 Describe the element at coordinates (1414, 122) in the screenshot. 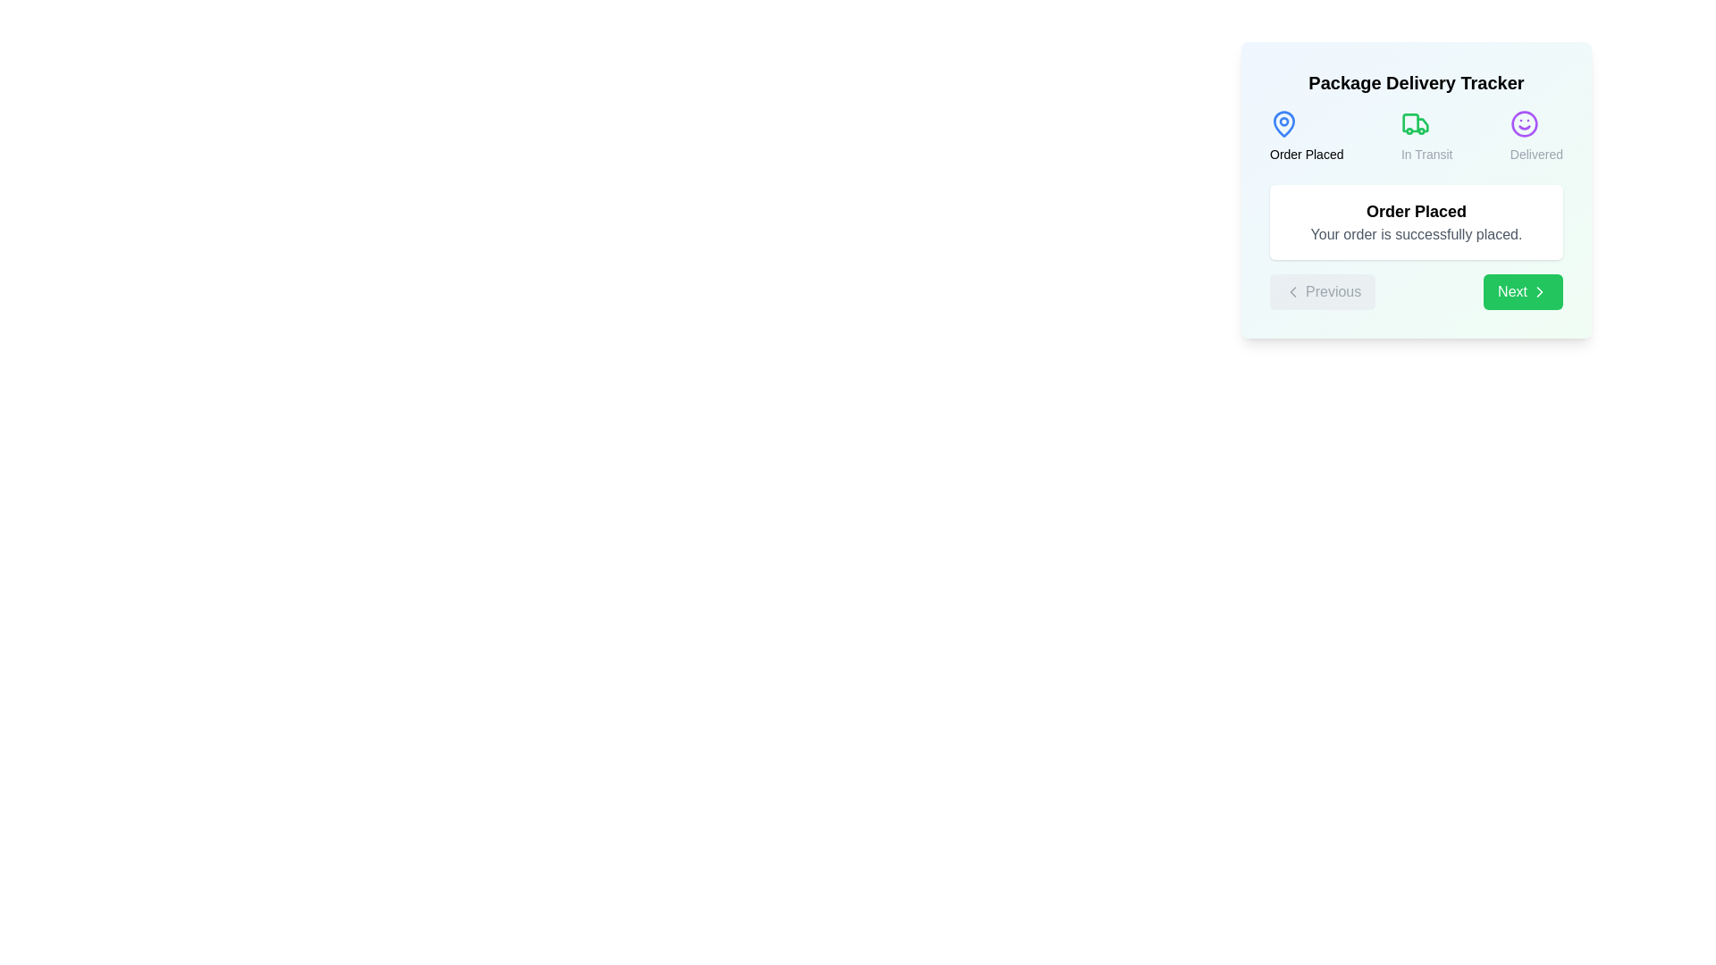

I see `the step icon corresponding to In Transit to view its tooltip` at that location.